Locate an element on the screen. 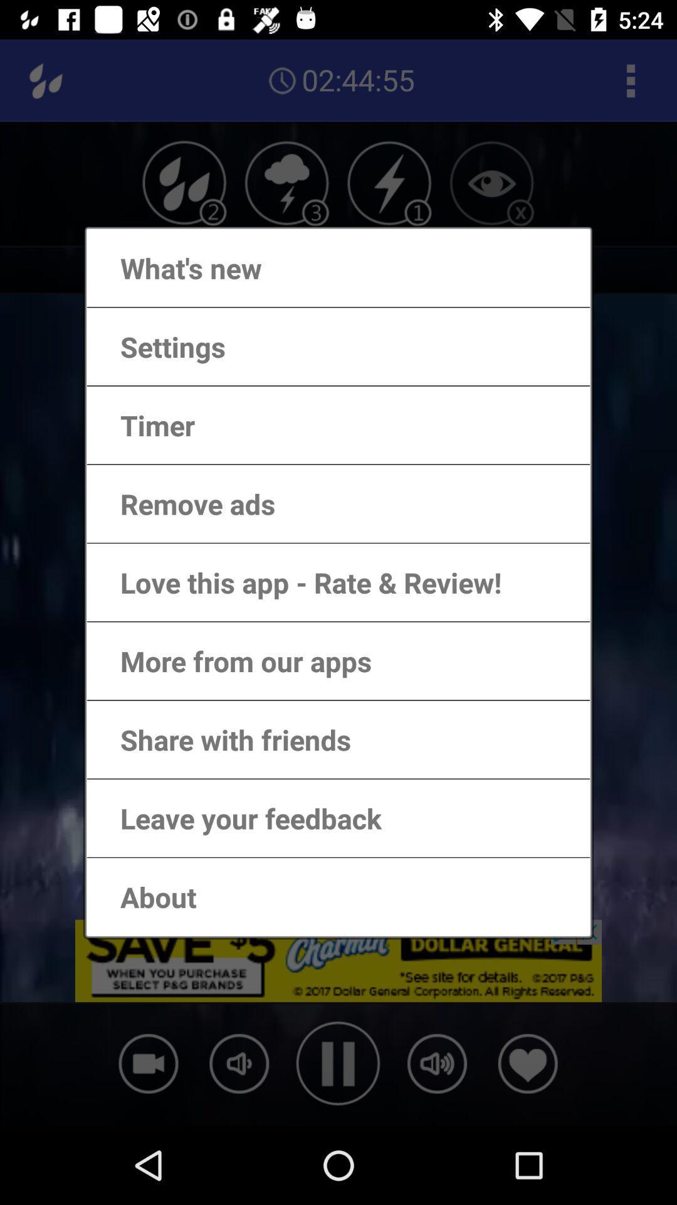  the icon above the settings app is located at coordinates (179, 267).